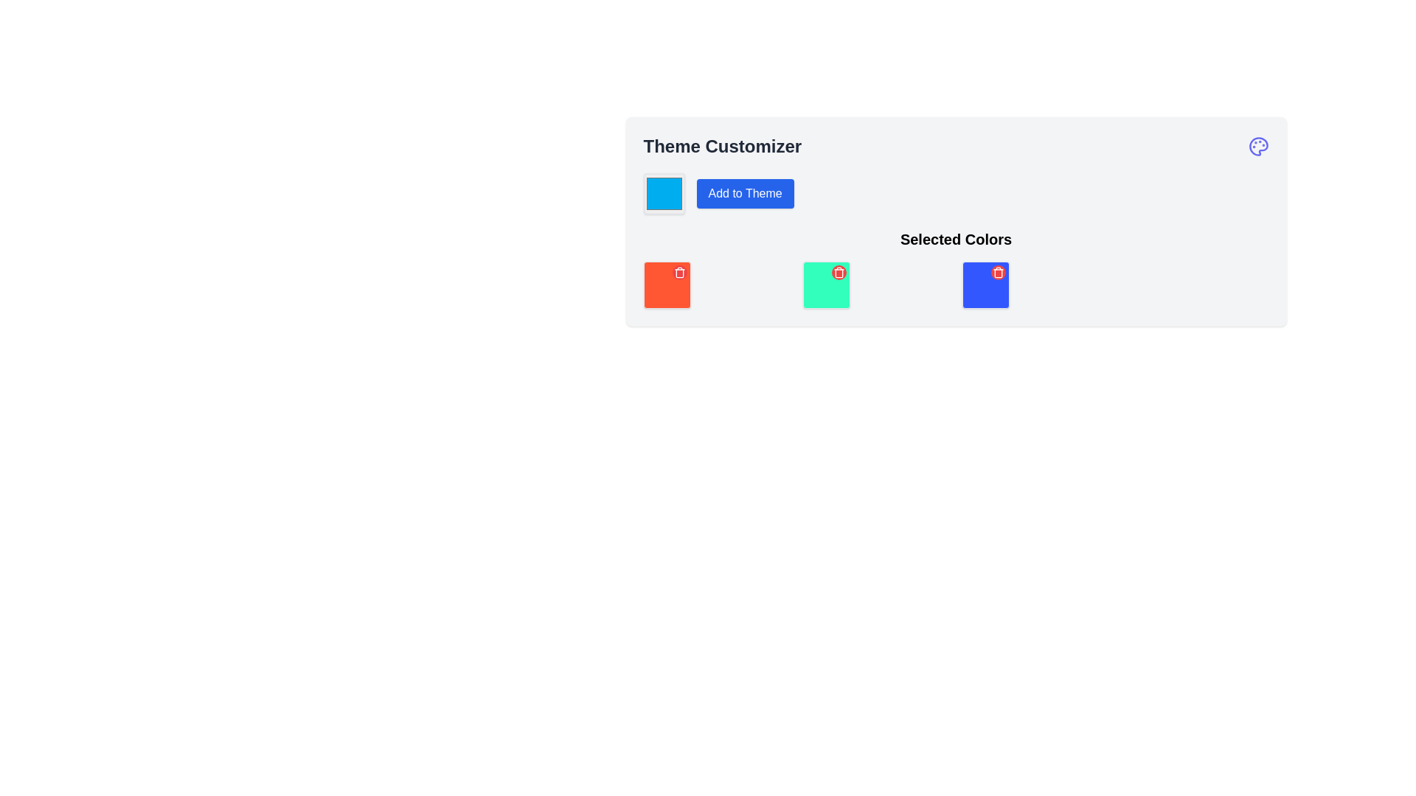 This screenshot has height=796, width=1416. I want to click on the small circular red delete icon located at the top right corner of the blue Color tile in the 'Selected Colors' grid, so click(985, 284).